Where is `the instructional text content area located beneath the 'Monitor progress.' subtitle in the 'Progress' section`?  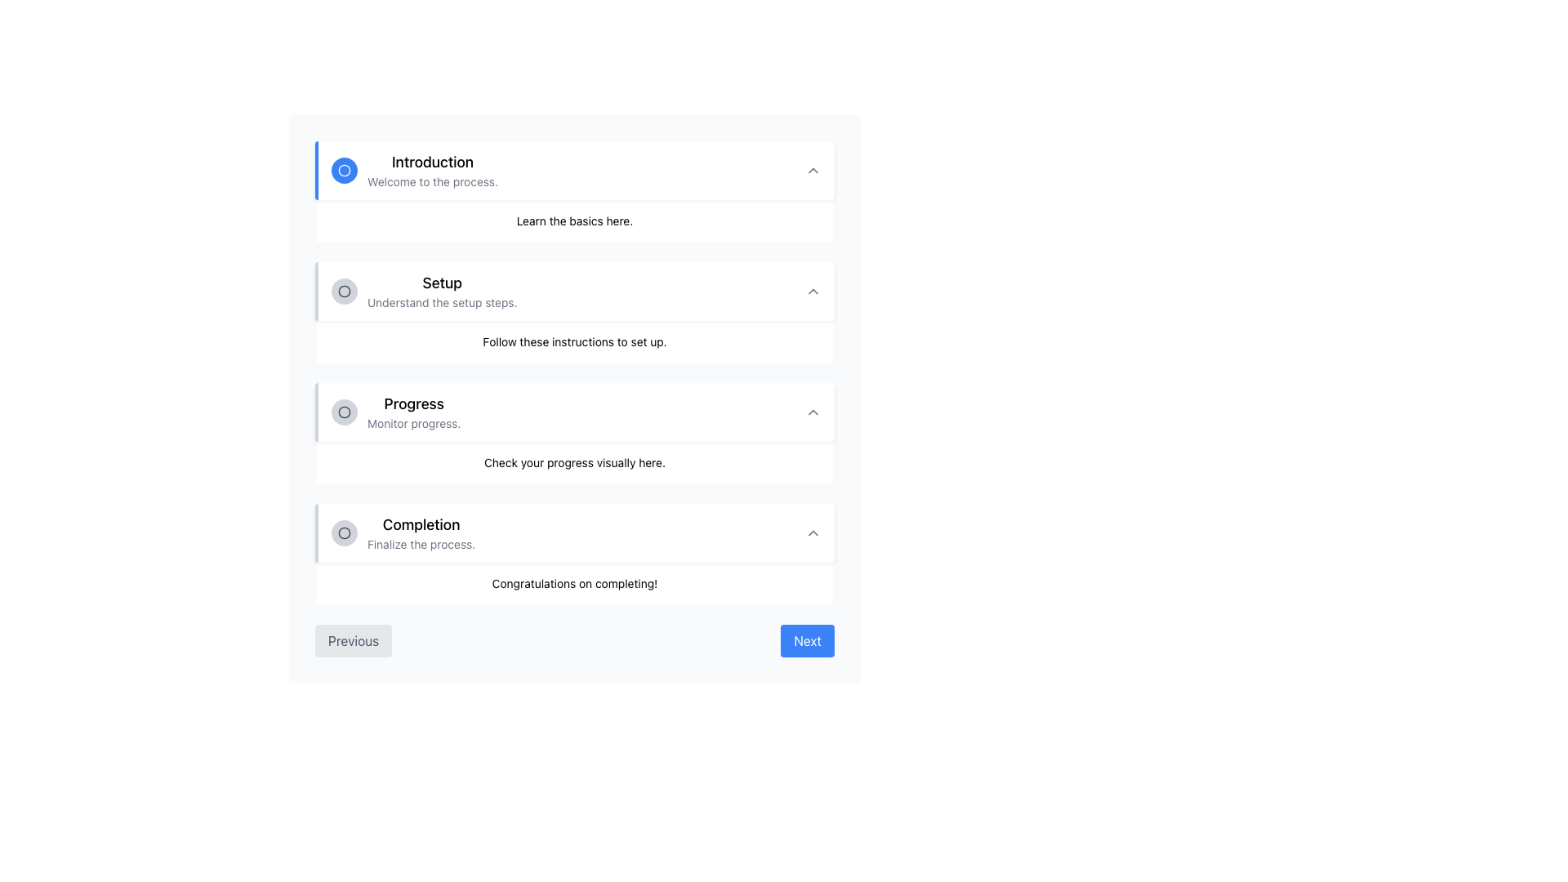
the instructional text content area located beneath the 'Monitor progress.' subtitle in the 'Progress' section is located at coordinates (575, 463).